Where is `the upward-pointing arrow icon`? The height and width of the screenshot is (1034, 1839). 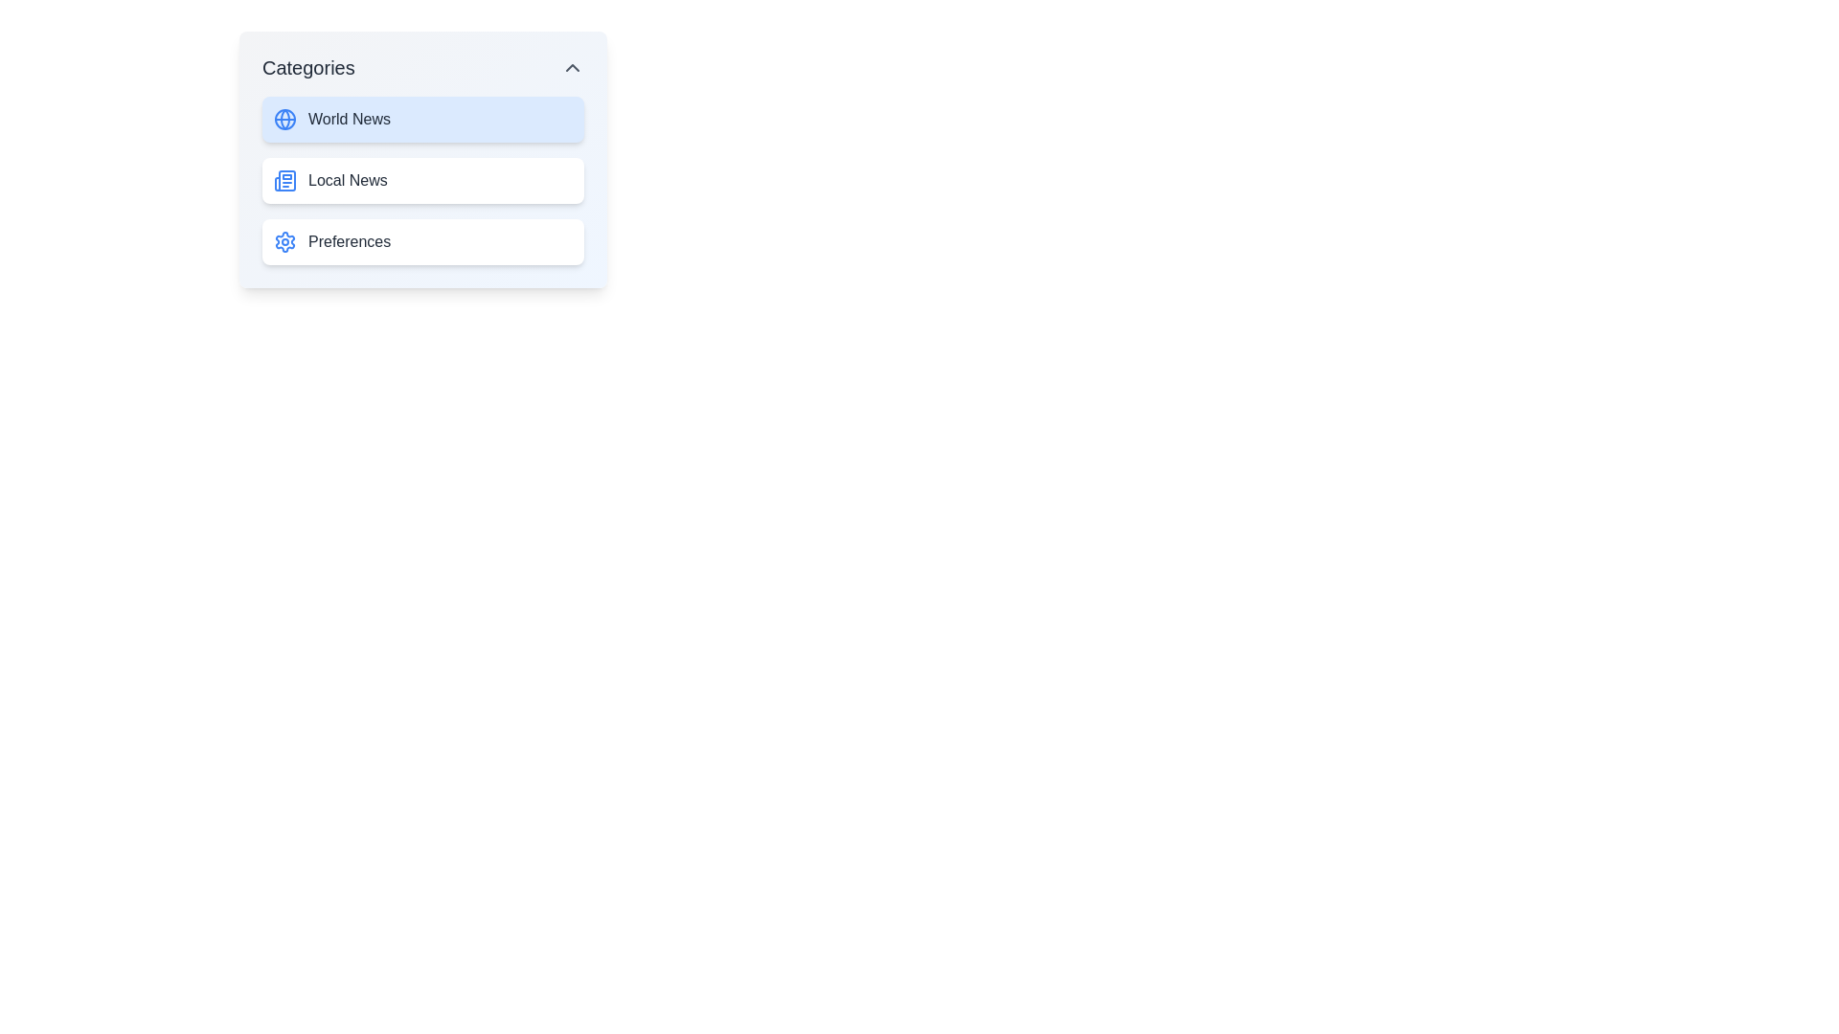 the upward-pointing arrow icon is located at coordinates (572, 66).